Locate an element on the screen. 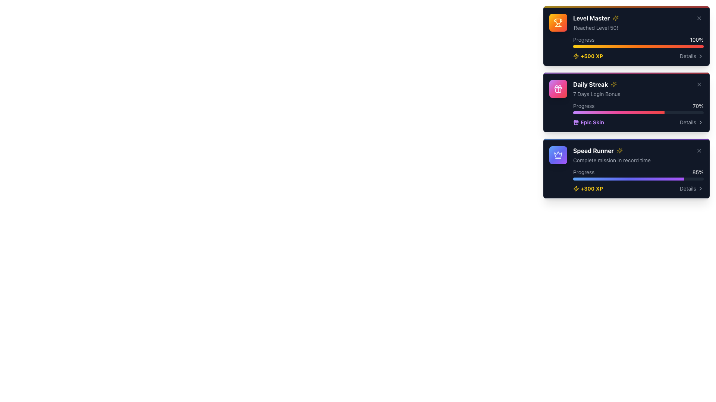  the progress bar located within the 'Level Master' card, which visually represents 100% task completion is located at coordinates (638, 42).